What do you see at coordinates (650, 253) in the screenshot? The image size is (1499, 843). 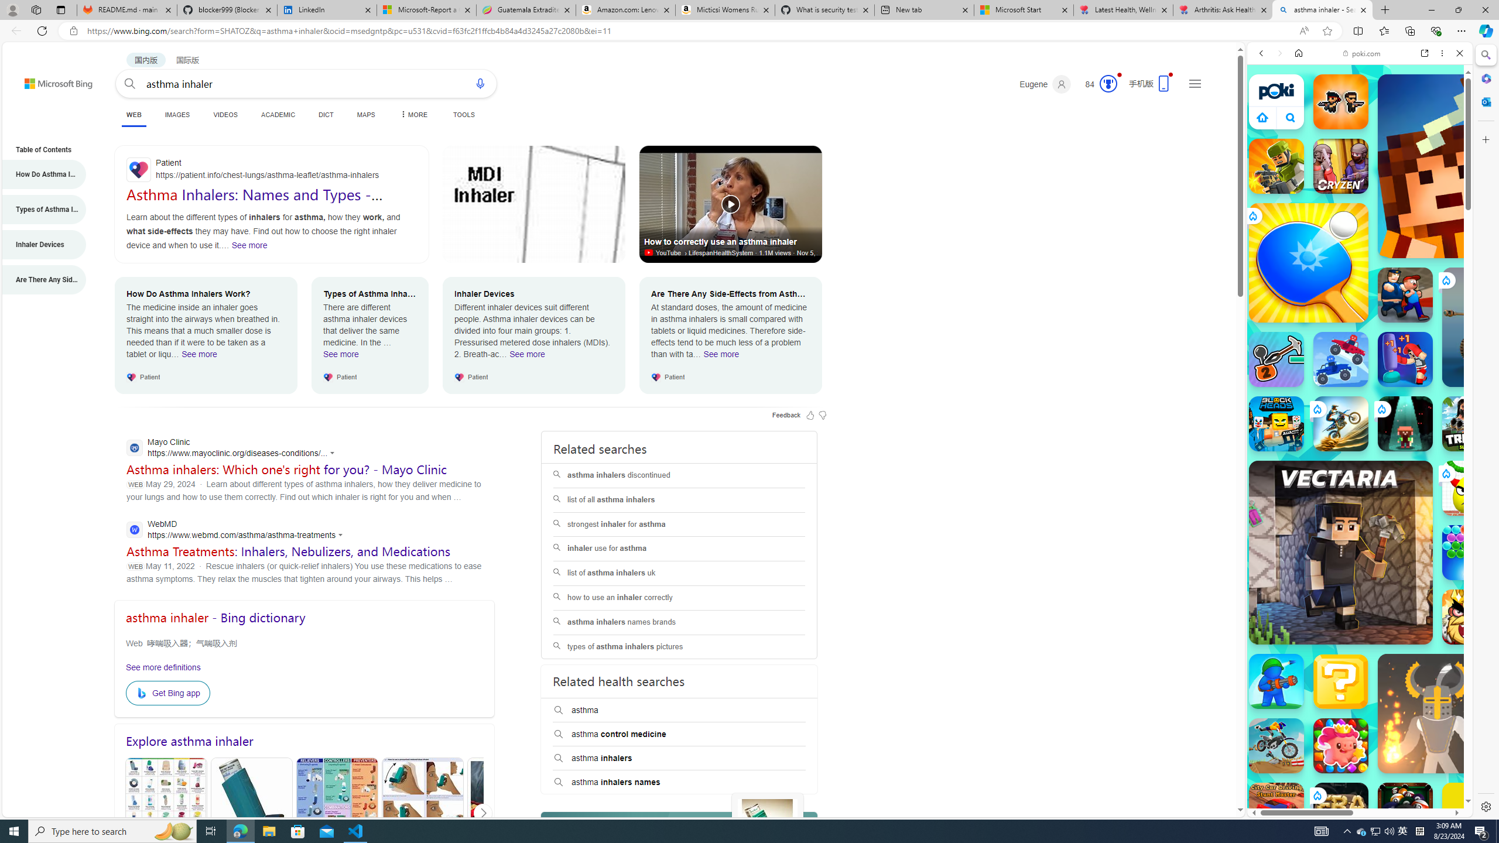 I see `'Video source site'` at bounding box center [650, 253].